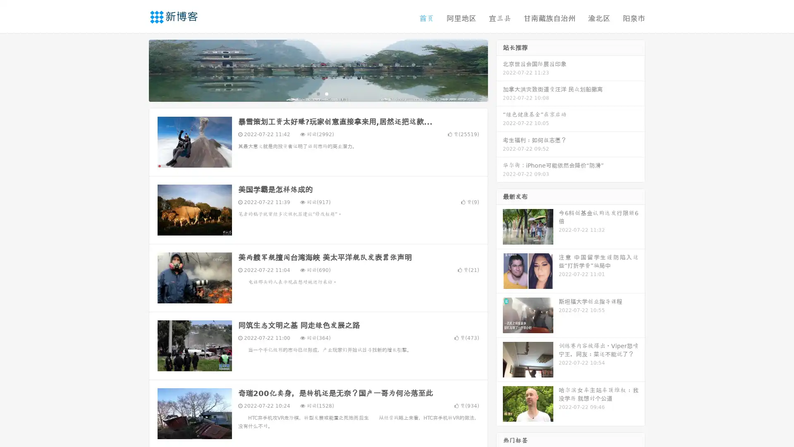 Image resolution: width=794 pixels, height=447 pixels. What do you see at coordinates (500, 70) in the screenshot?
I see `Next slide` at bounding box center [500, 70].